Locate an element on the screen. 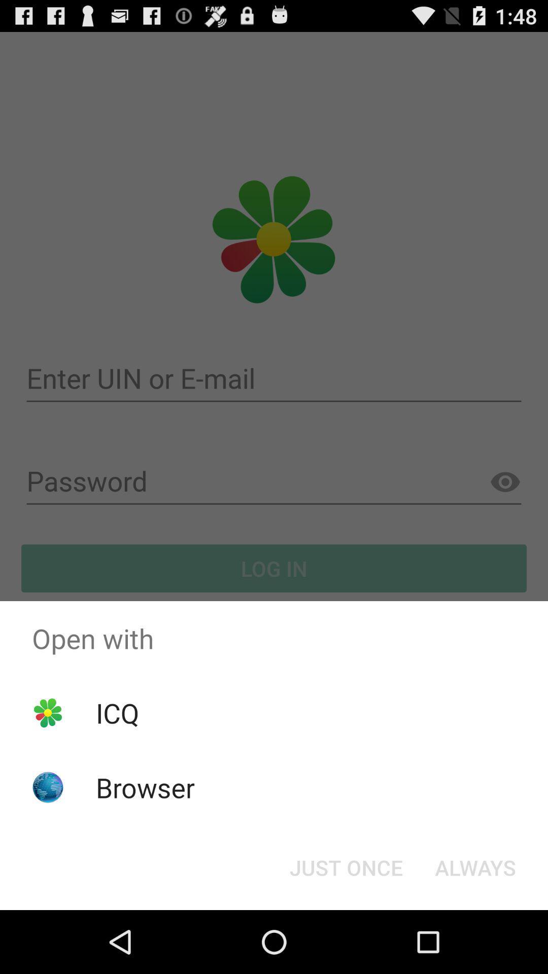 The image size is (548, 974). item below open with icon is located at coordinates (117, 712).